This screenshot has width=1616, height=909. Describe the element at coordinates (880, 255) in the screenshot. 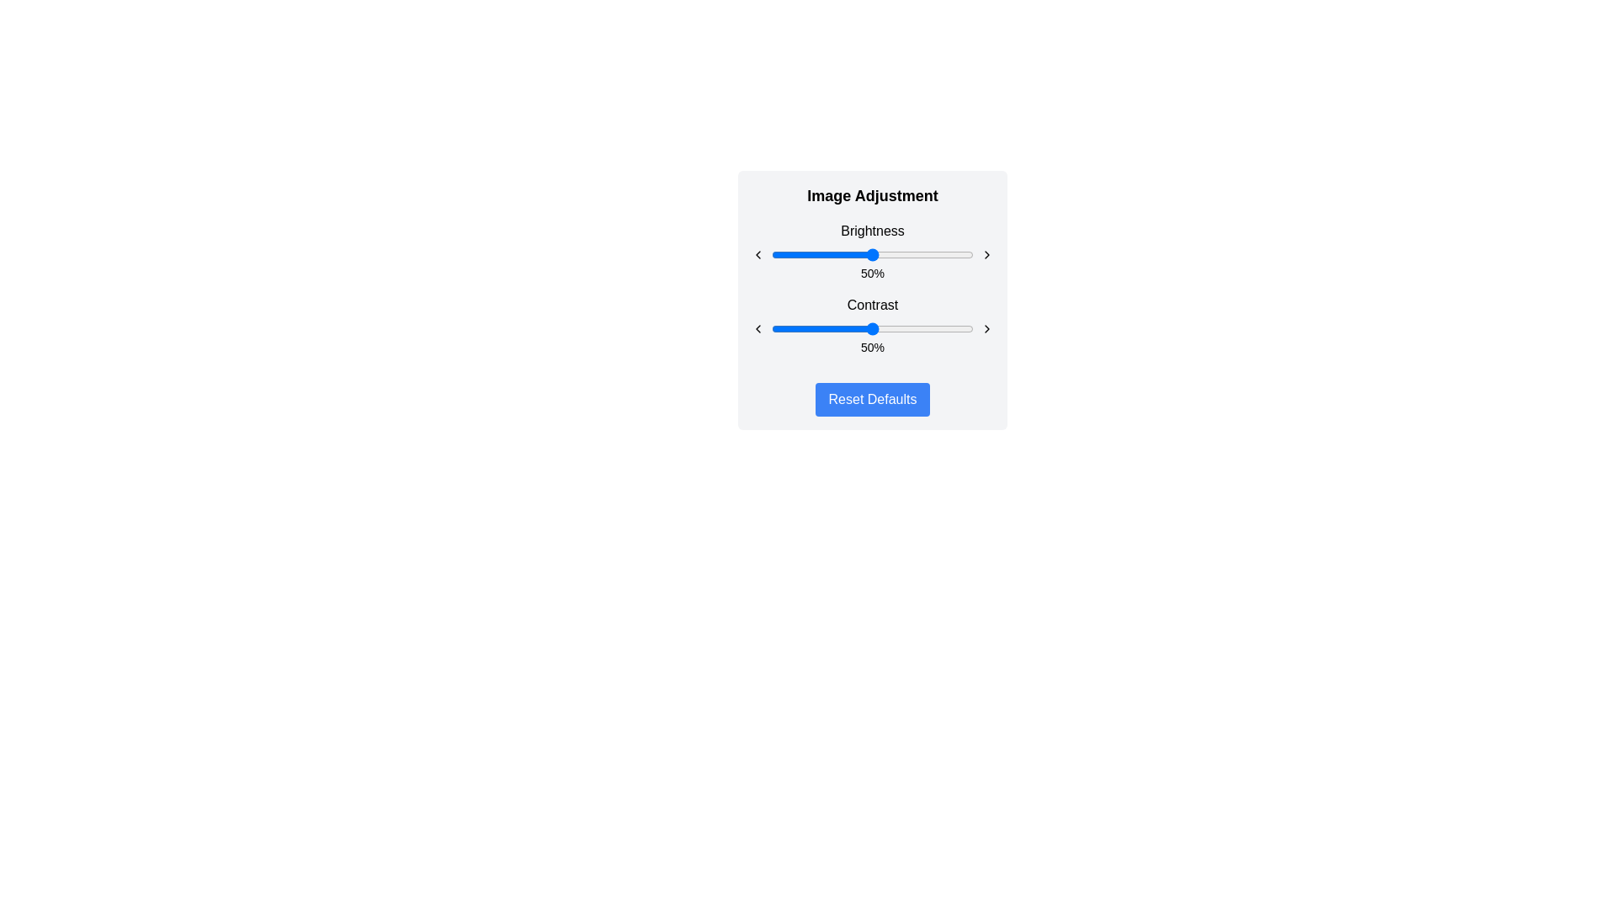

I see `brightness` at that location.